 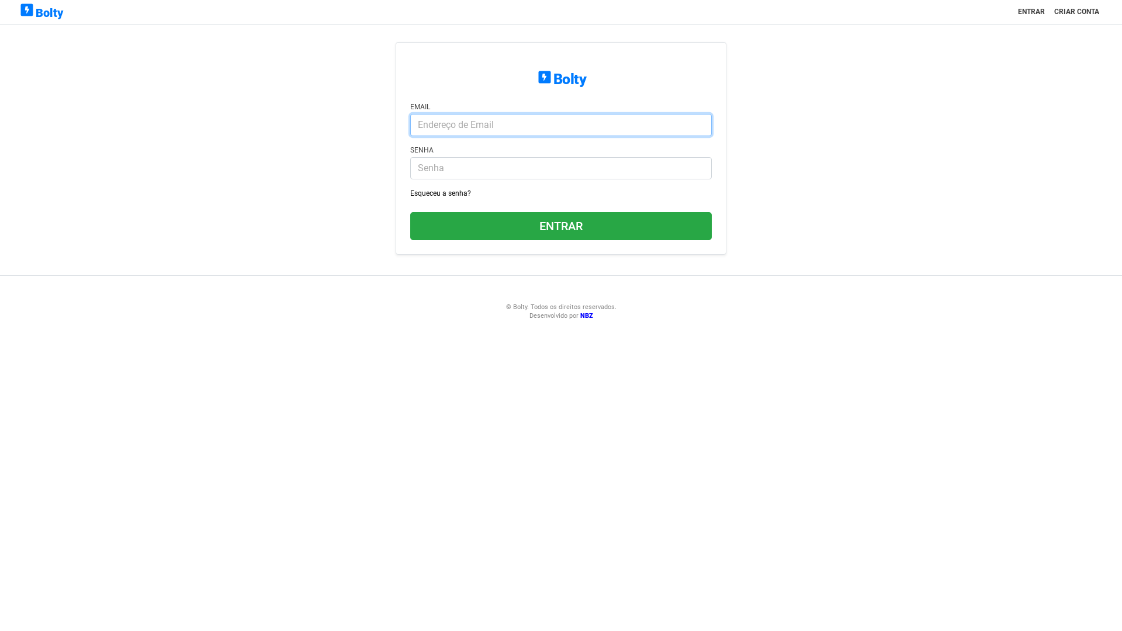 What do you see at coordinates (40, 12) in the screenshot?
I see `'Bolty'` at bounding box center [40, 12].